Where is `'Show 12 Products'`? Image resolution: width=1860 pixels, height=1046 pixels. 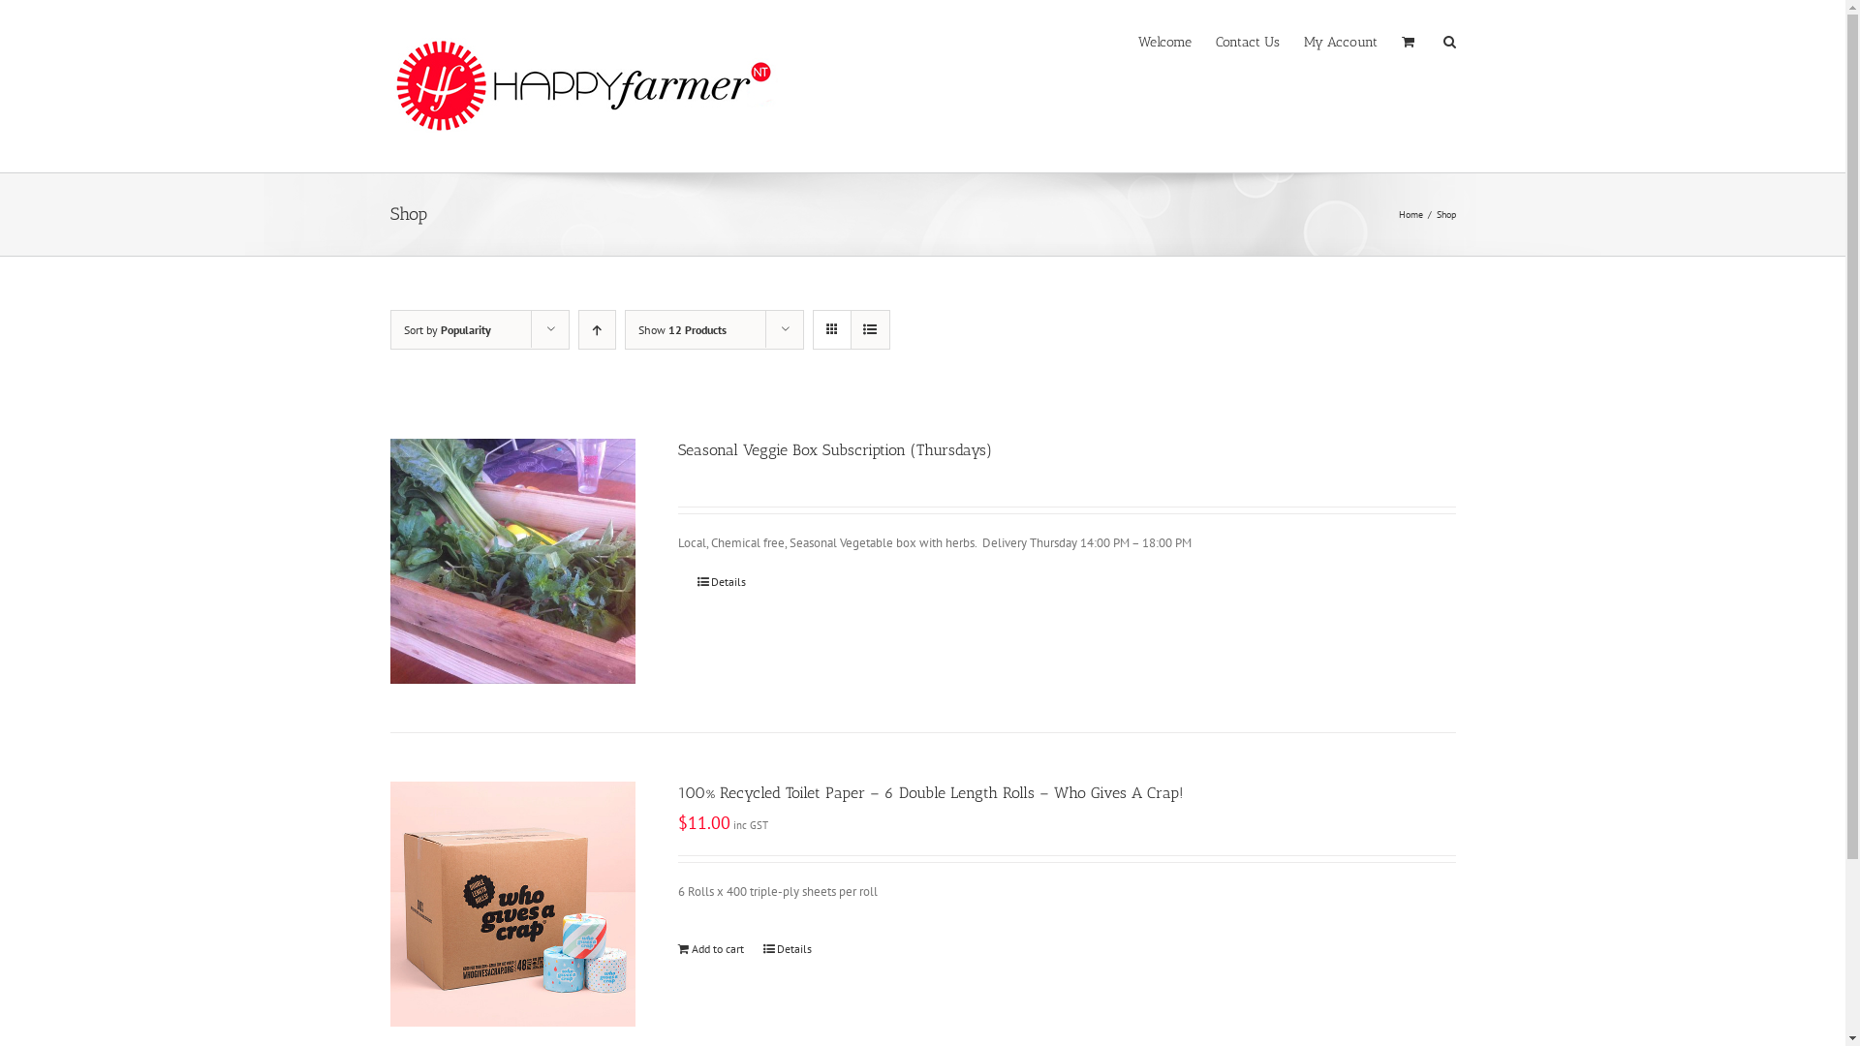
'Show 12 Products' is located at coordinates (681, 328).